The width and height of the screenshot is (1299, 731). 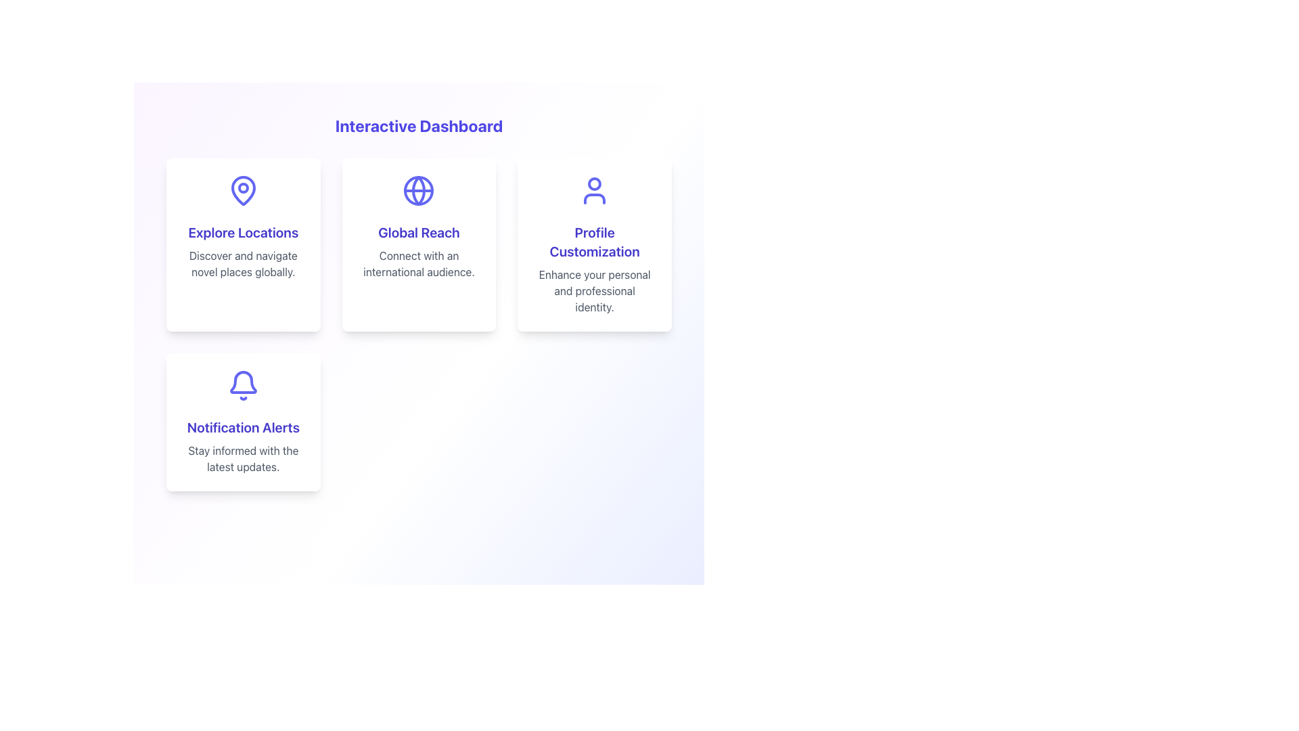 I want to click on the title text related to profile customization features located within the third card in the second row of the interface, so click(x=595, y=242).